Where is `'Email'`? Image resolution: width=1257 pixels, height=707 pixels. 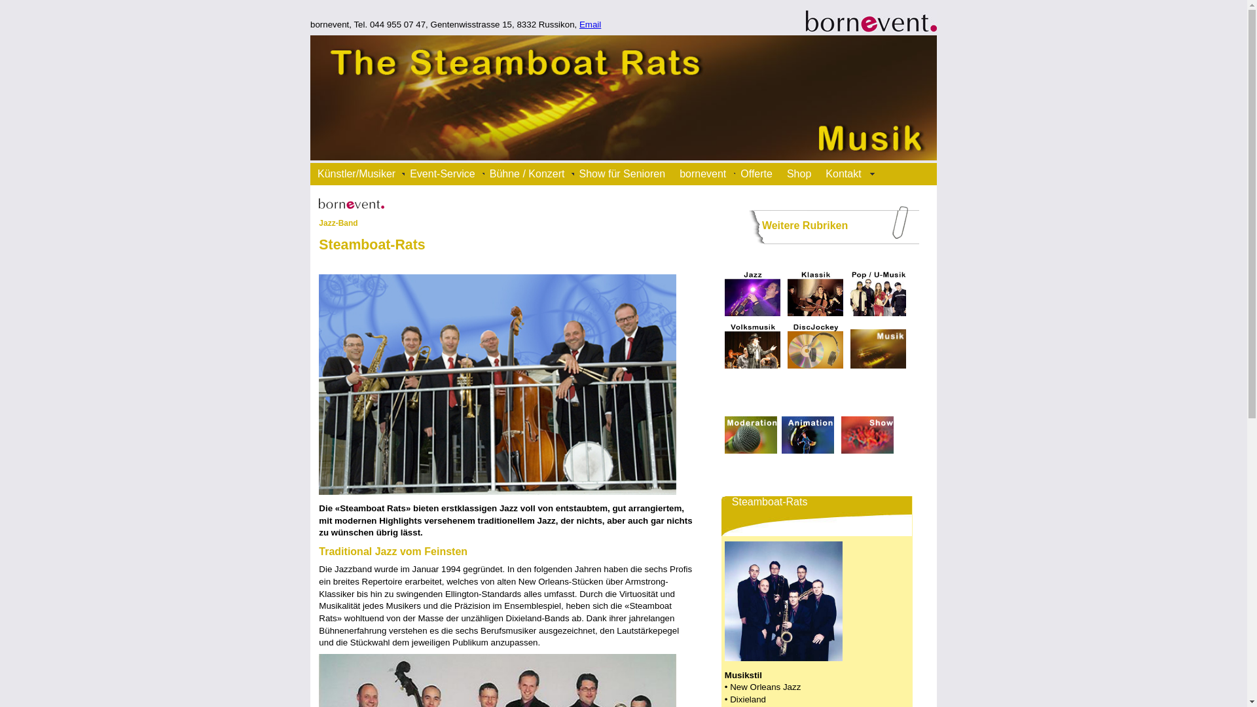 'Email' is located at coordinates (589, 24).